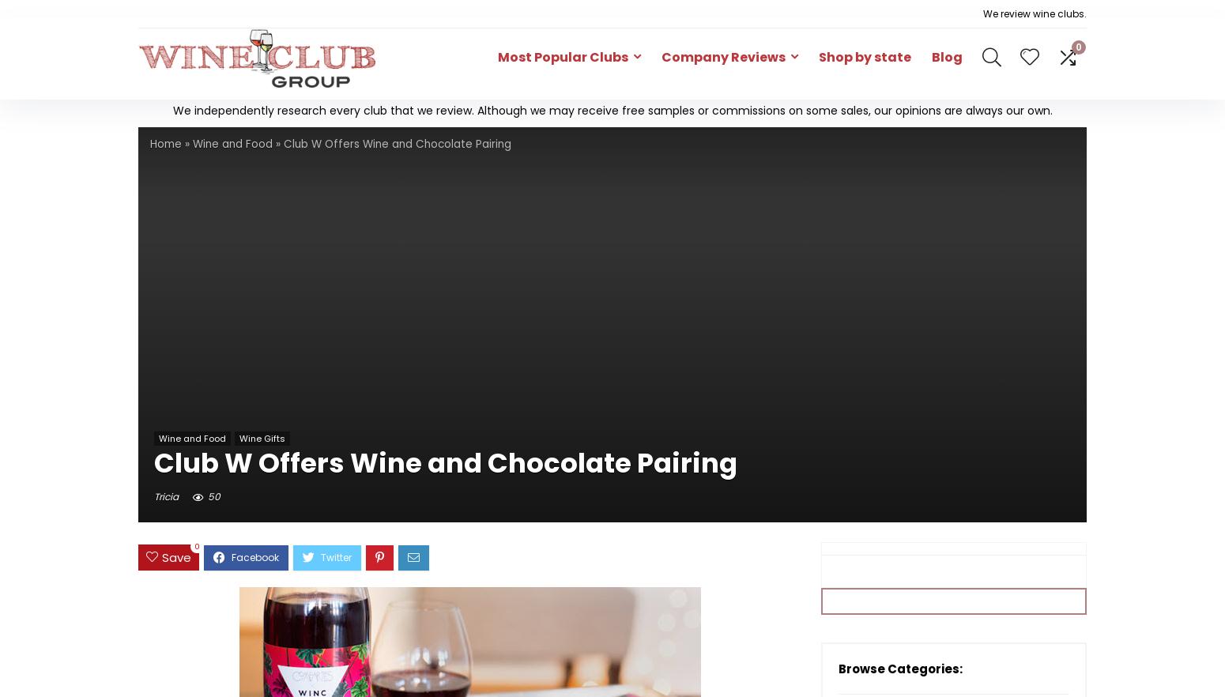 Image resolution: width=1225 pixels, height=697 pixels. What do you see at coordinates (563, 56) in the screenshot?
I see `'Most Popular Clubs'` at bounding box center [563, 56].